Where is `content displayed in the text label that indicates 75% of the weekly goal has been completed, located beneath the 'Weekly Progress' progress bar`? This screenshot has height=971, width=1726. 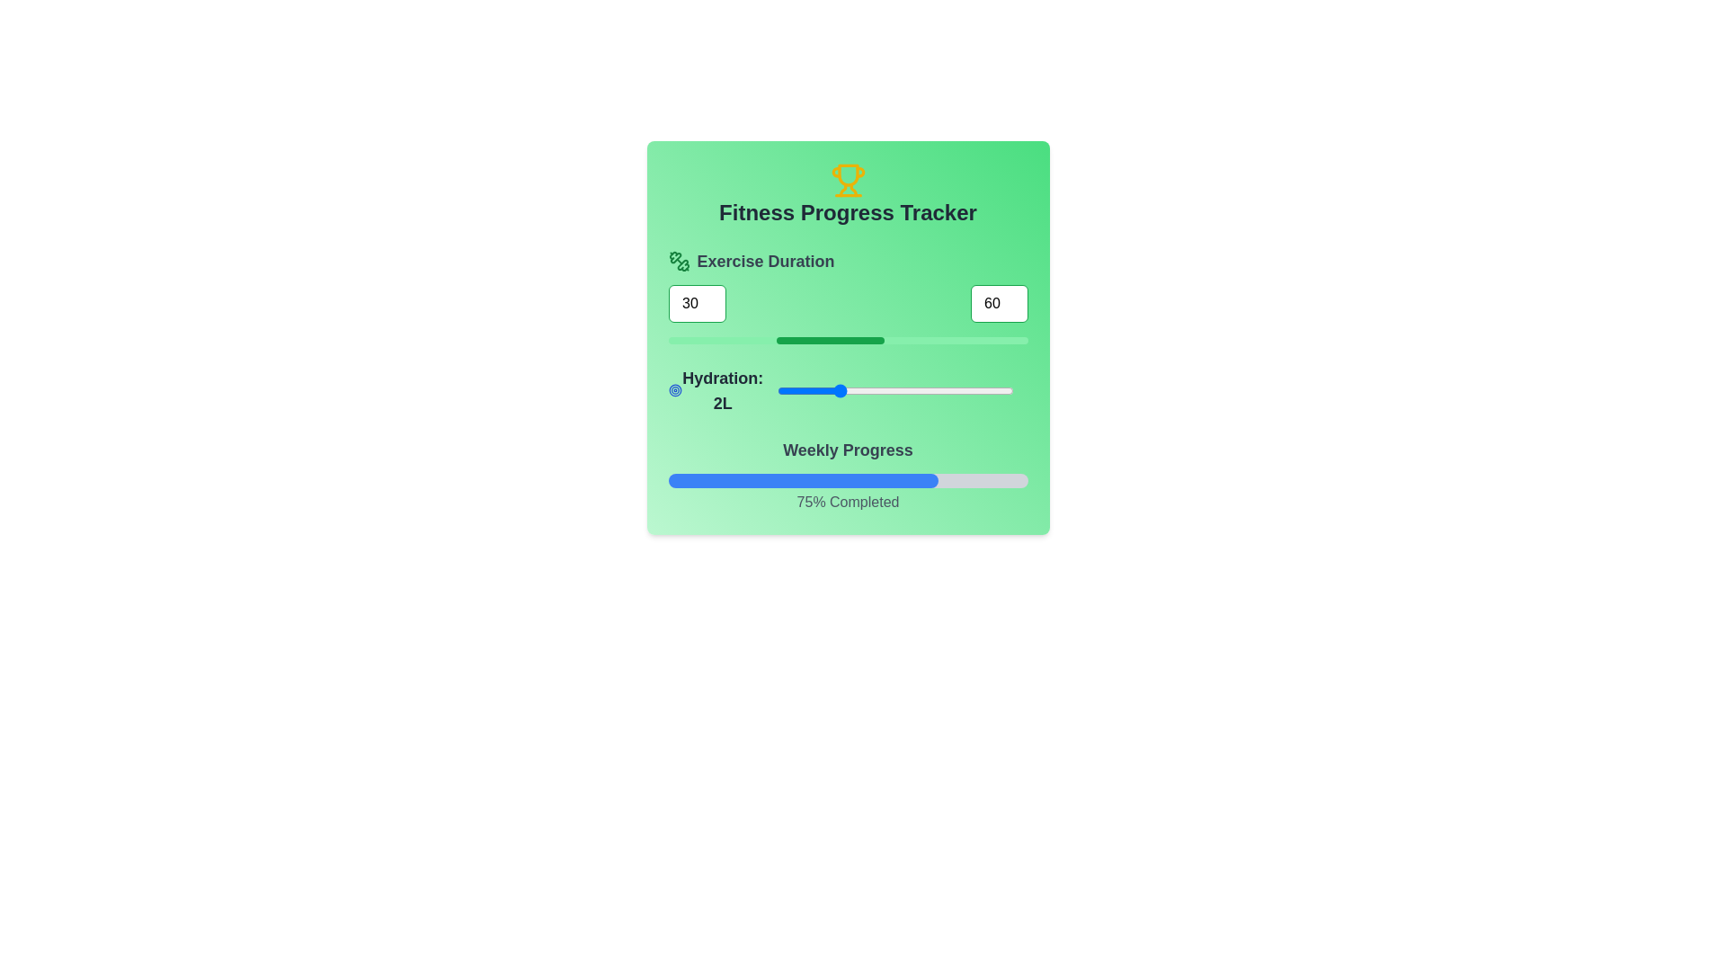
content displayed in the text label that indicates 75% of the weekly goal has been completed, located beneath the 'Weekly Progress' progress bar is located at coordinates (847, 503).